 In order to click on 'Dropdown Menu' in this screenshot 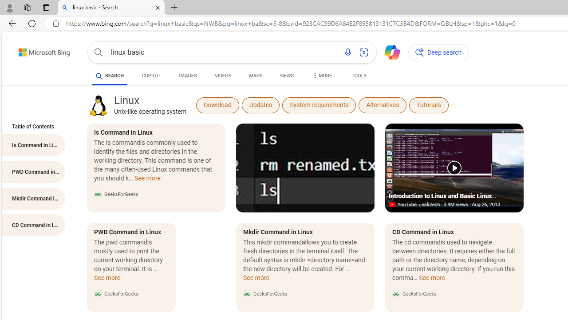, I will do `click(321, 76)`.